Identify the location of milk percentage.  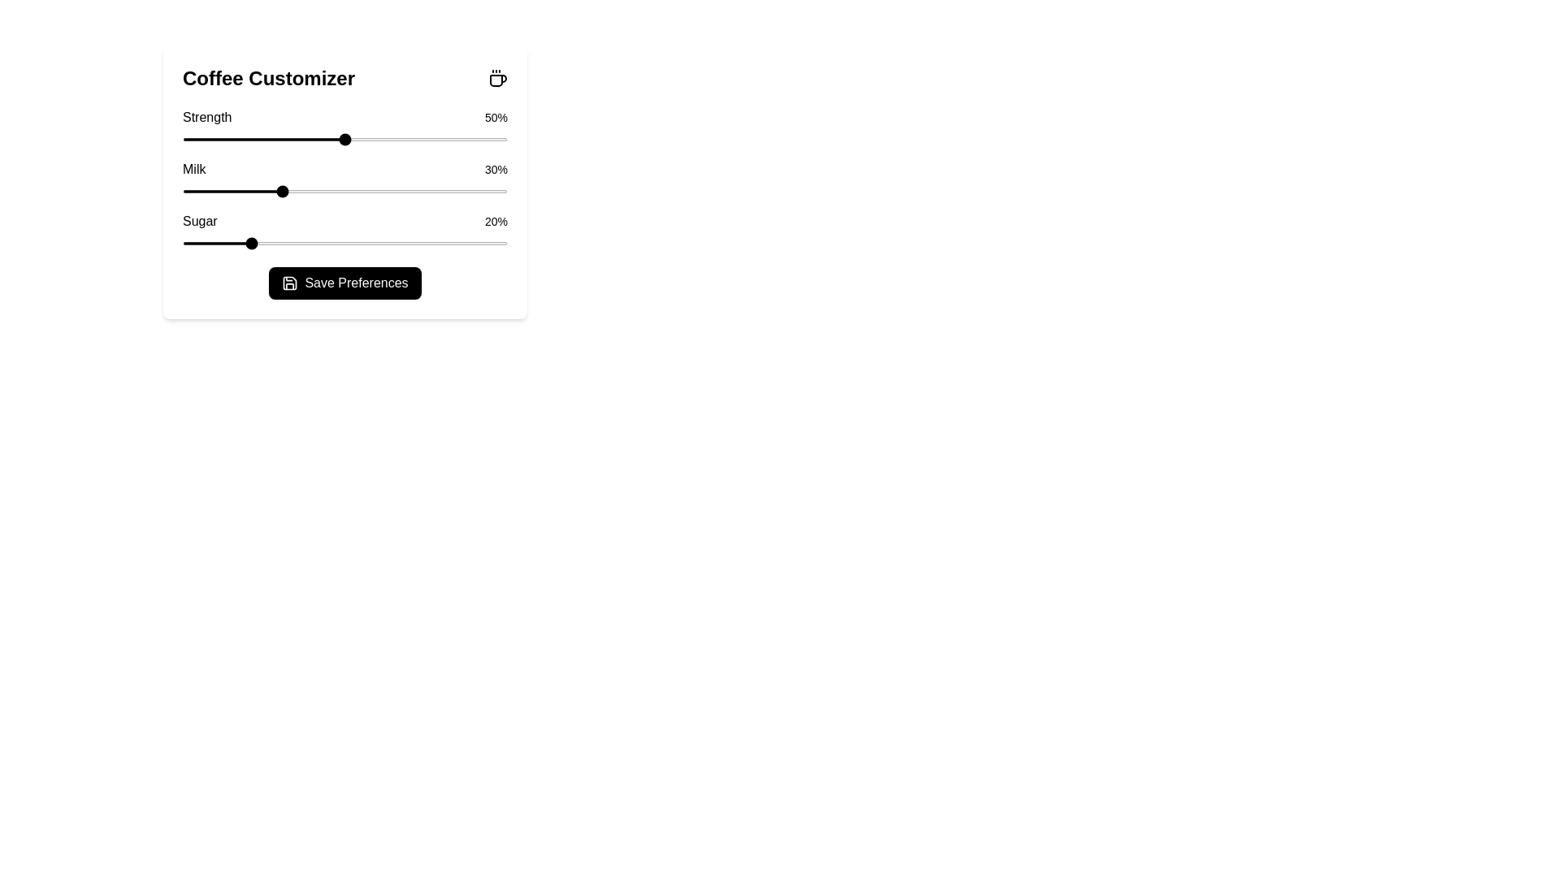
(404, 190).